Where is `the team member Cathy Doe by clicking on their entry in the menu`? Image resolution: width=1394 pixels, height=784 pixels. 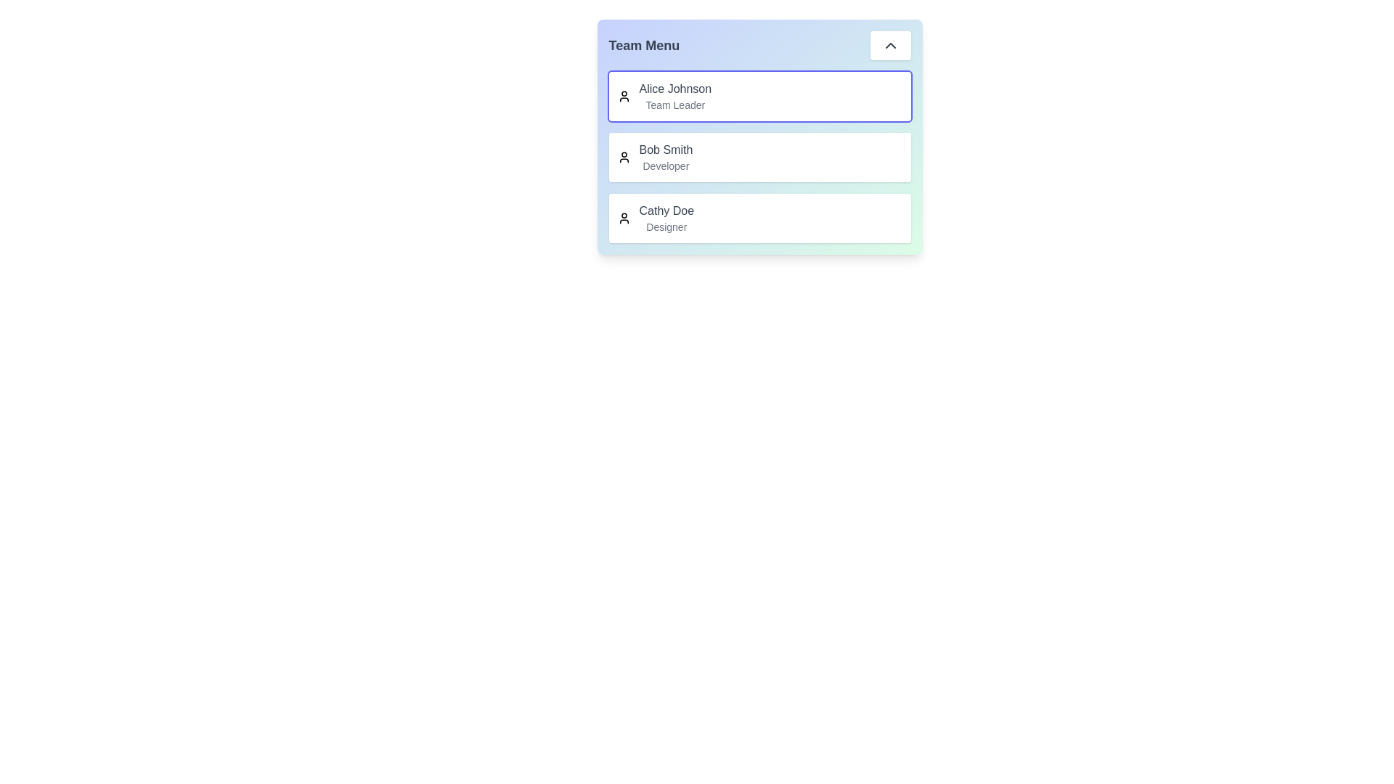 the team member Cathy Doe by clicking on their entry in the menu is located at coordinates (759, 218).